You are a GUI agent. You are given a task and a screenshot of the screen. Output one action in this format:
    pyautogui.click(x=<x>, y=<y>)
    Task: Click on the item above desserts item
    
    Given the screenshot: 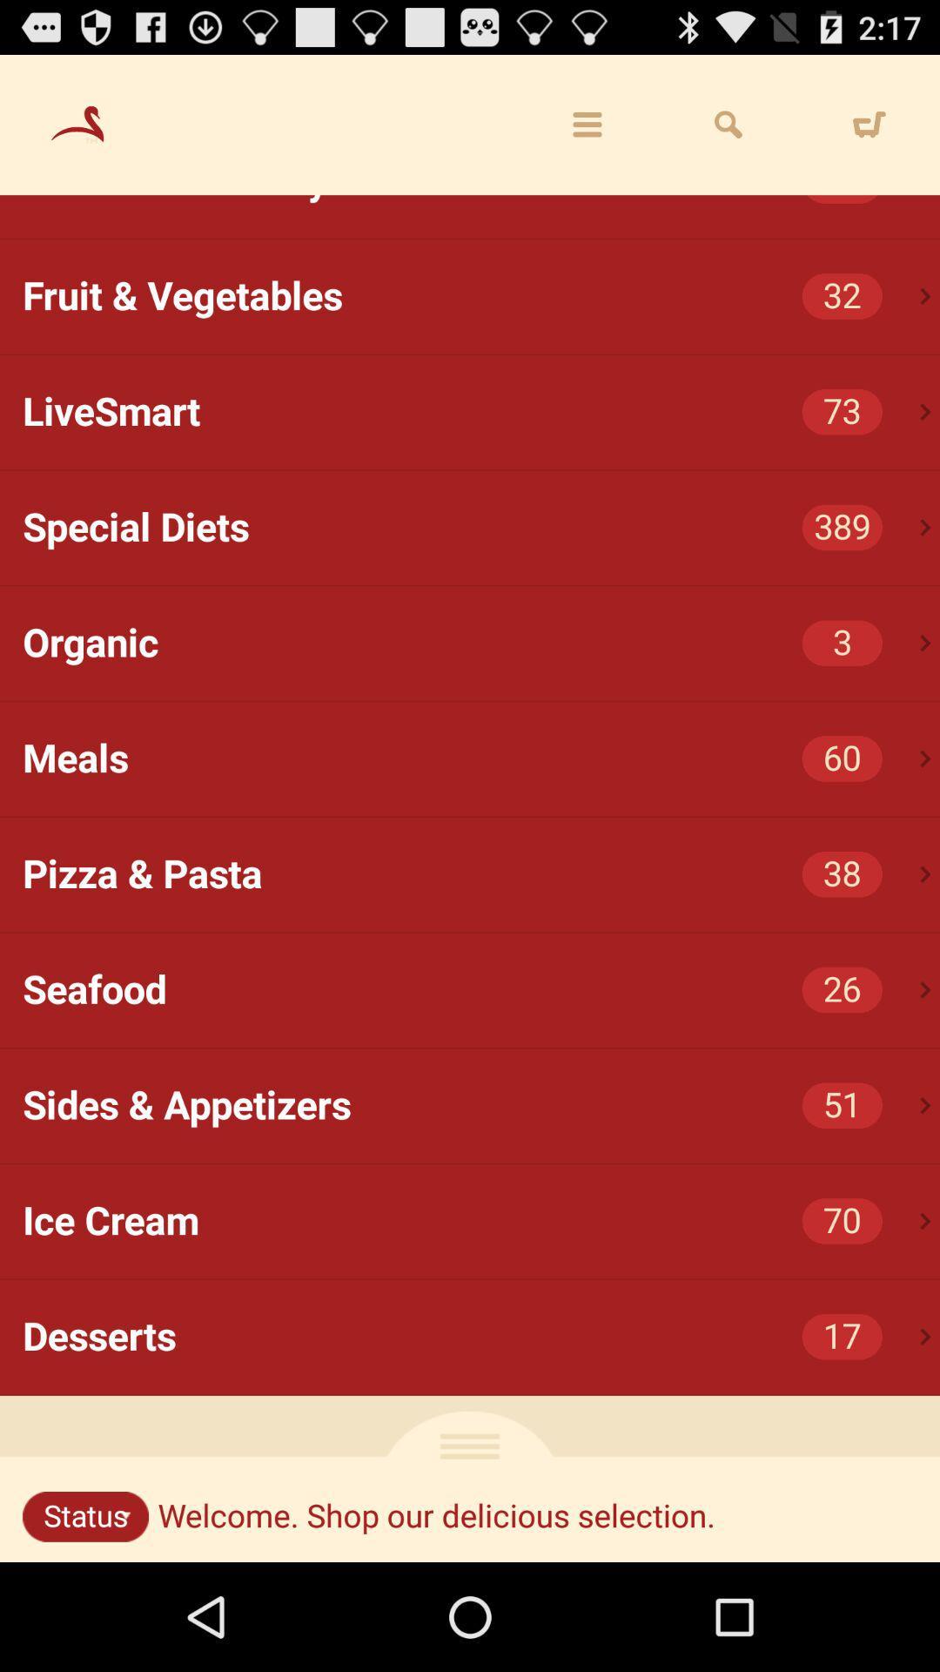 What is the action you would take?
    pyautogui.click(x=924, y=1220)
    